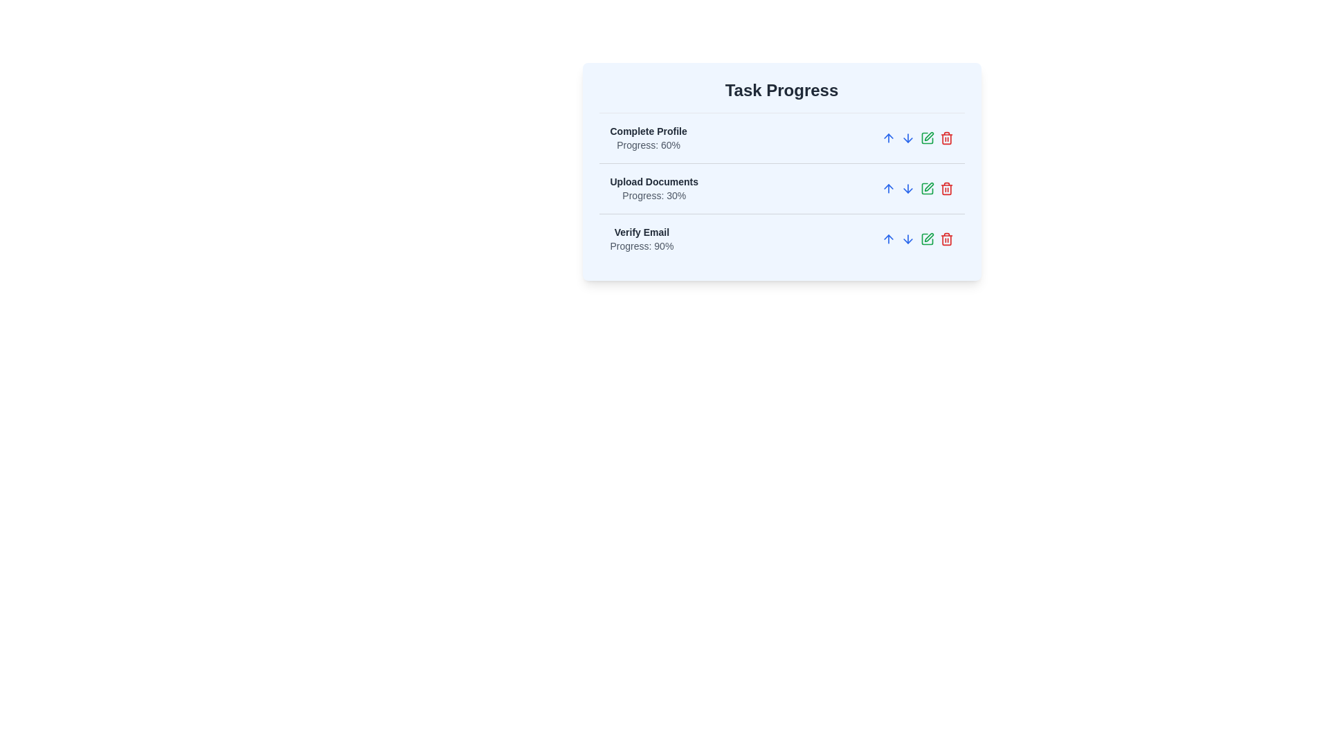  Describe the element at coordinates (929, 136) in the screenshot. I see `the editing icon located to the right of the 'Upload Documents' row in the list or progress tracker` at that location.